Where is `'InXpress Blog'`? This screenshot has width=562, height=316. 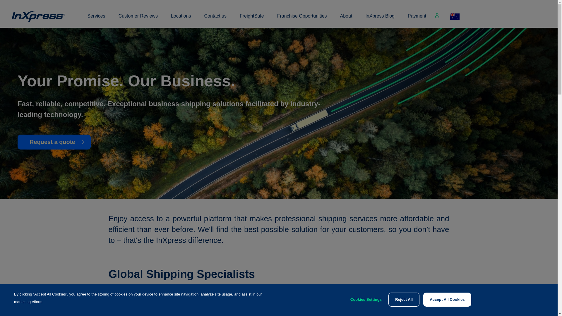
'InXpress Blog' is located at coordinates (380, 19).